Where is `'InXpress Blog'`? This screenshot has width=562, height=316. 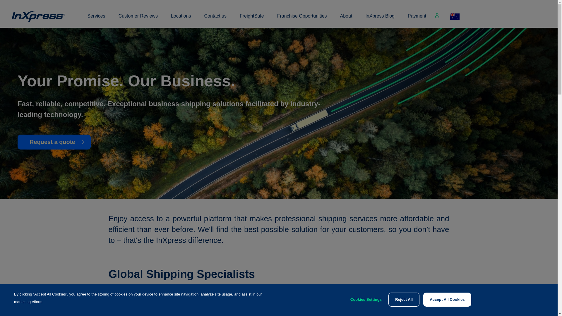
'InXpress Blog' is located at coordinates (380, 19).